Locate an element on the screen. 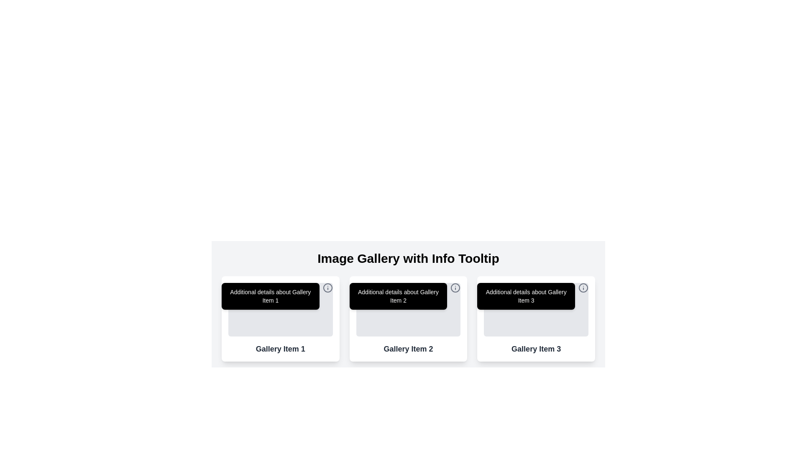 This screenshot has width=803, height=452. text from the Text Label that displays 'Gallery Item 2', which is styled in bold and dark grey and located beneath an image placeholder in the second card of a horizontal image gallery is located at coordinates (408, 349).